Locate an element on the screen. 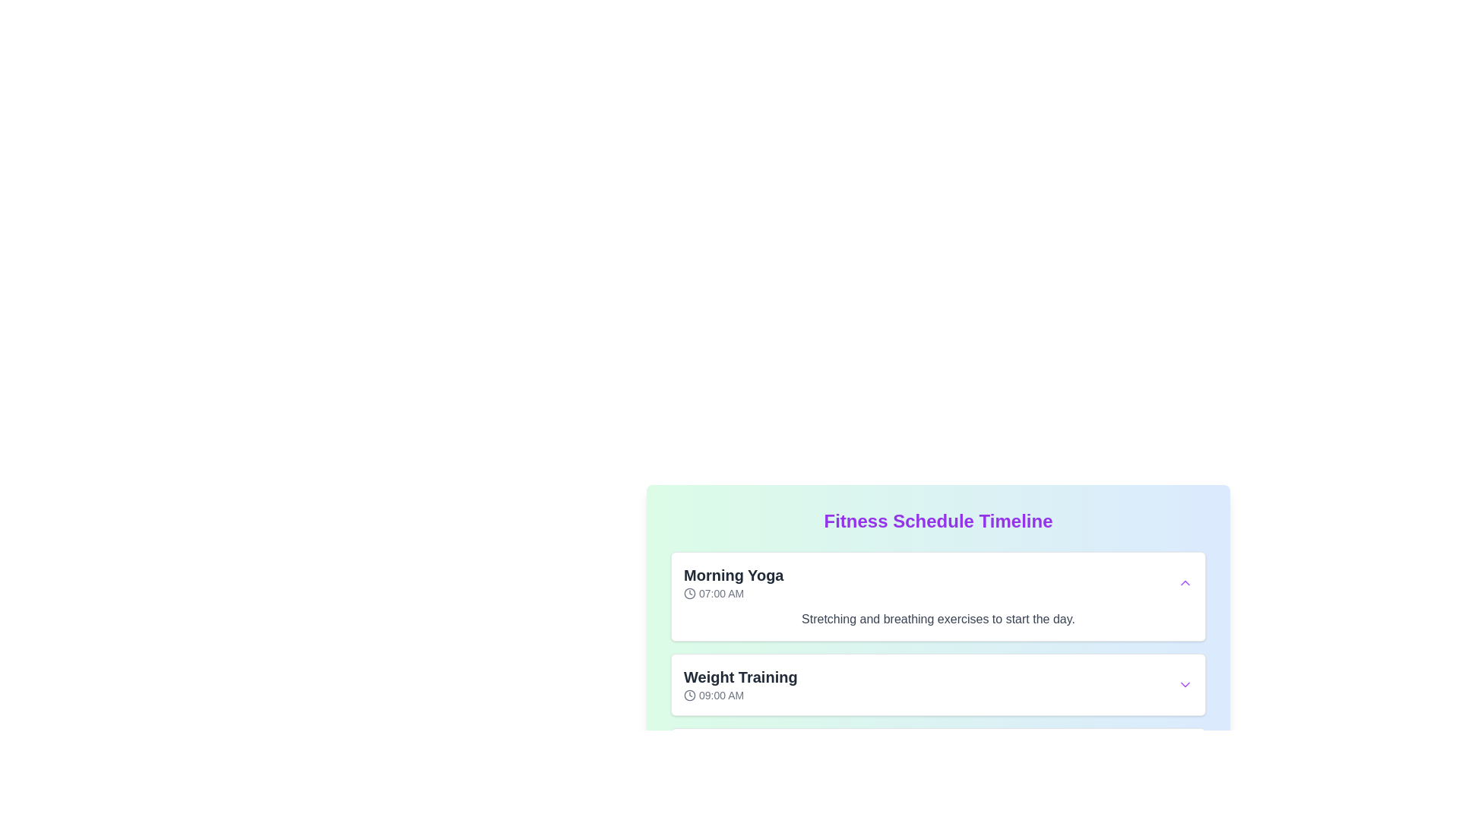 The image size is (1459, 821). text displayed in the Text Label element showing the time string '09:00 AM', which is located below the 'Weight Training' title is located at coordinates (740, 695).